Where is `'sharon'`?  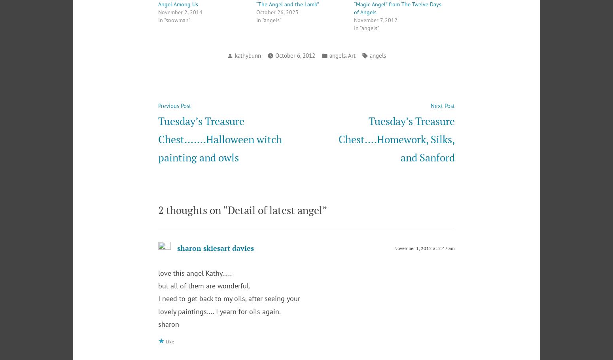 'sharon' is located at coordinates (168, 324).